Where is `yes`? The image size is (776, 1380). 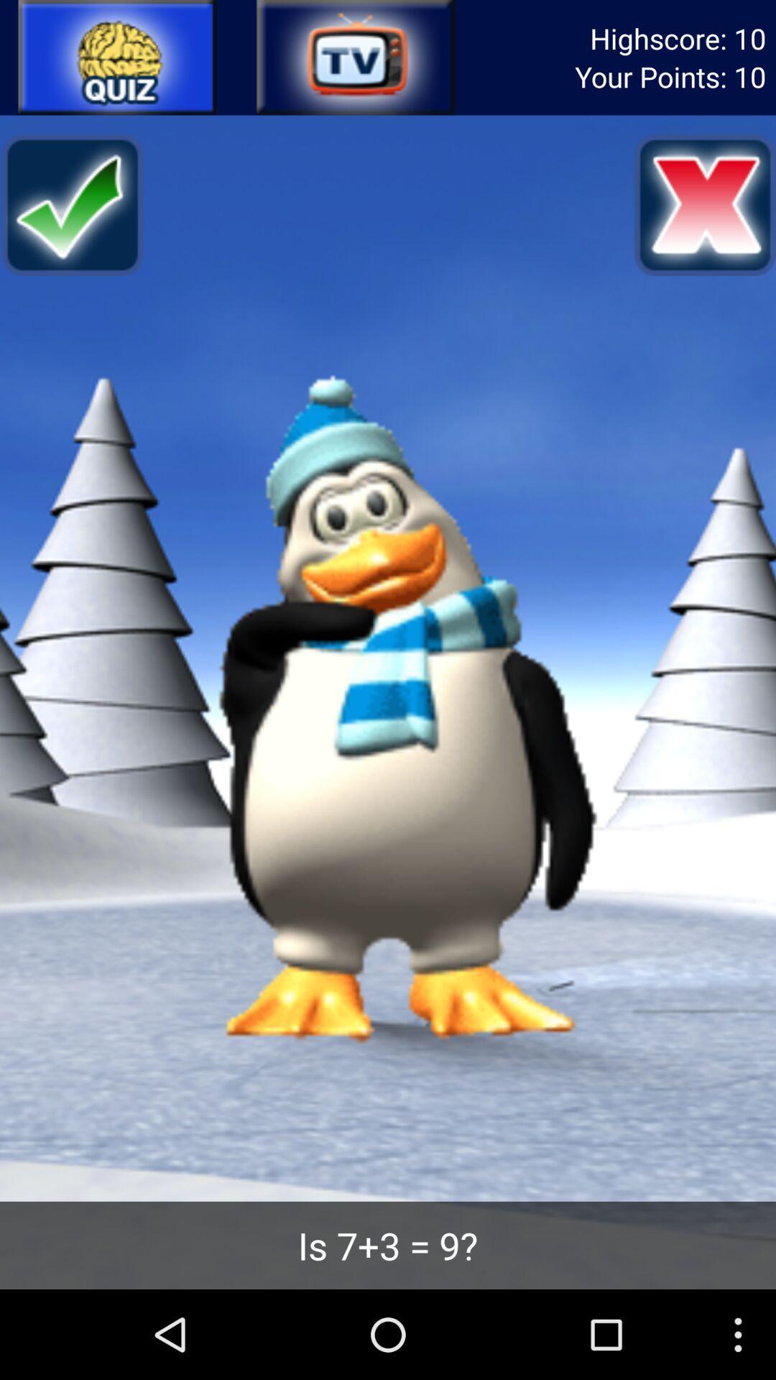 yes is located at coordinates (71, 204).